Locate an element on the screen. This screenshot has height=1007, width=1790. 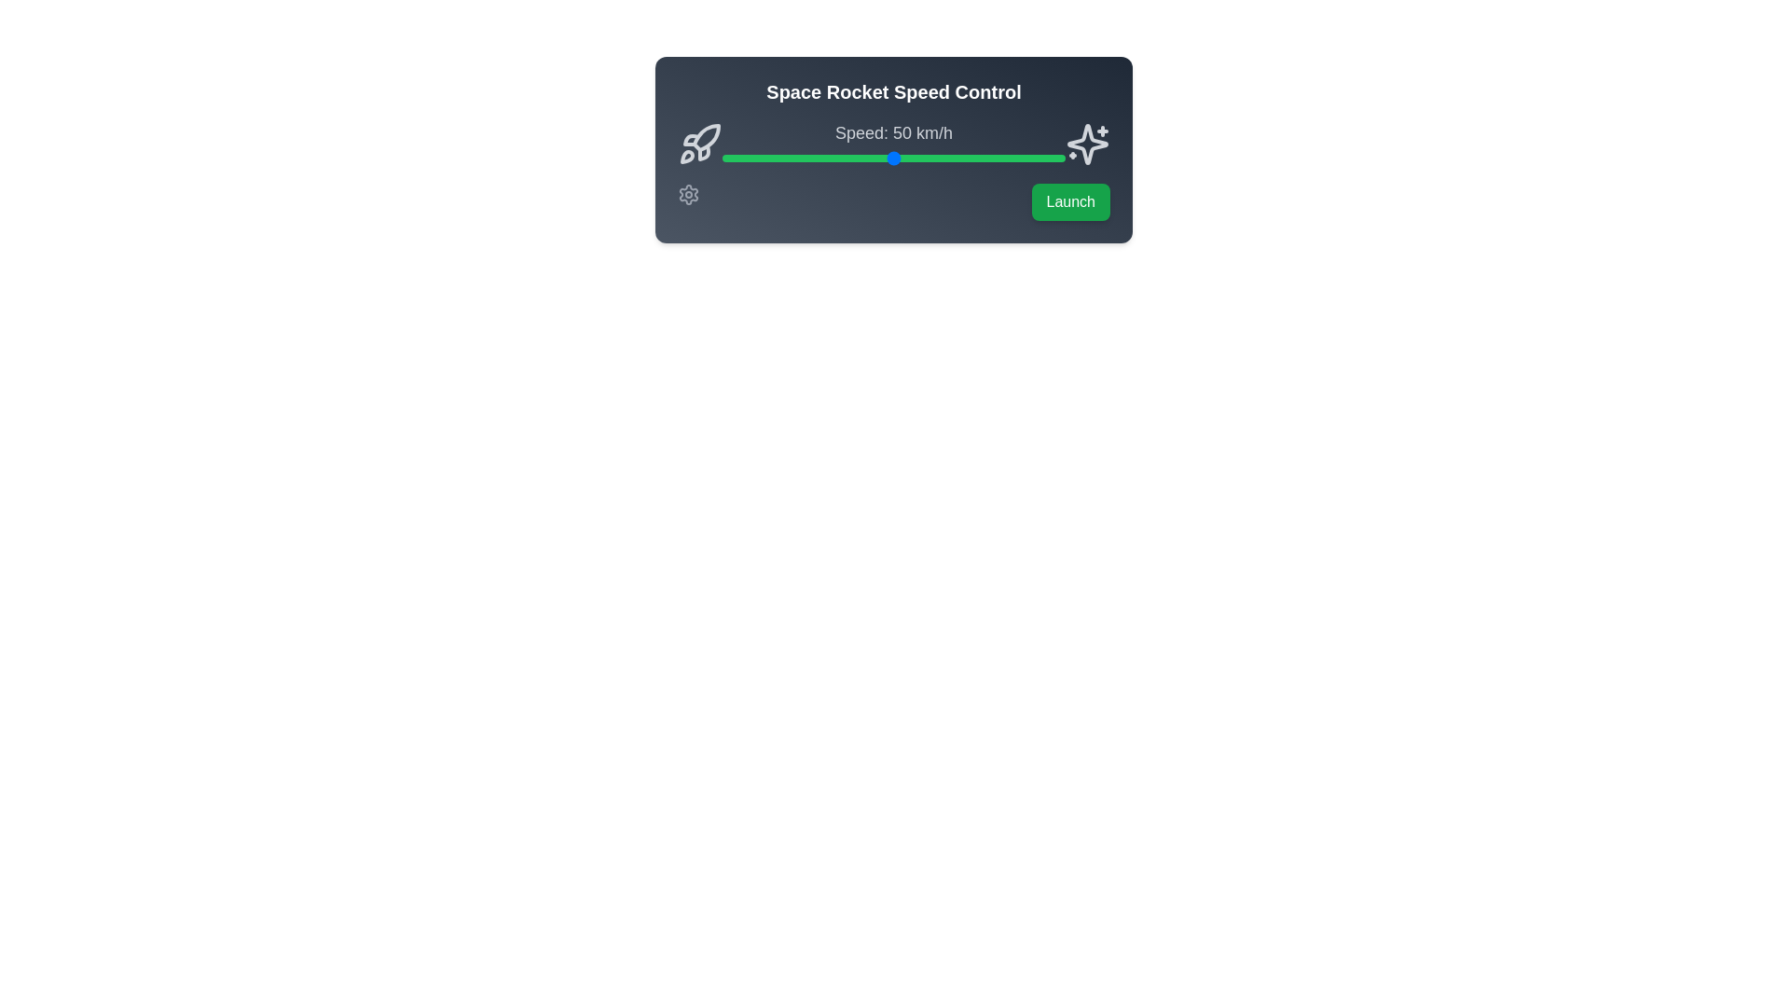
the speed slider to set the speed to 28 km/h is located at coordinates (819, 157).